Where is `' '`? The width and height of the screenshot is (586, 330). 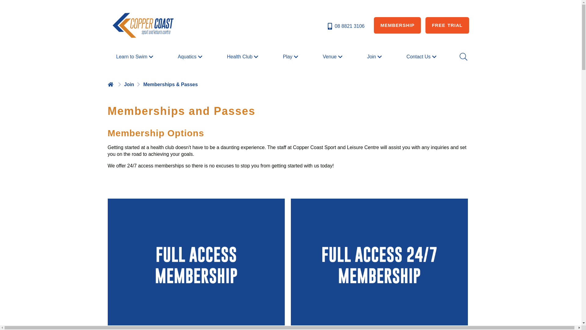
' ' is located at coordinates (111, 84).